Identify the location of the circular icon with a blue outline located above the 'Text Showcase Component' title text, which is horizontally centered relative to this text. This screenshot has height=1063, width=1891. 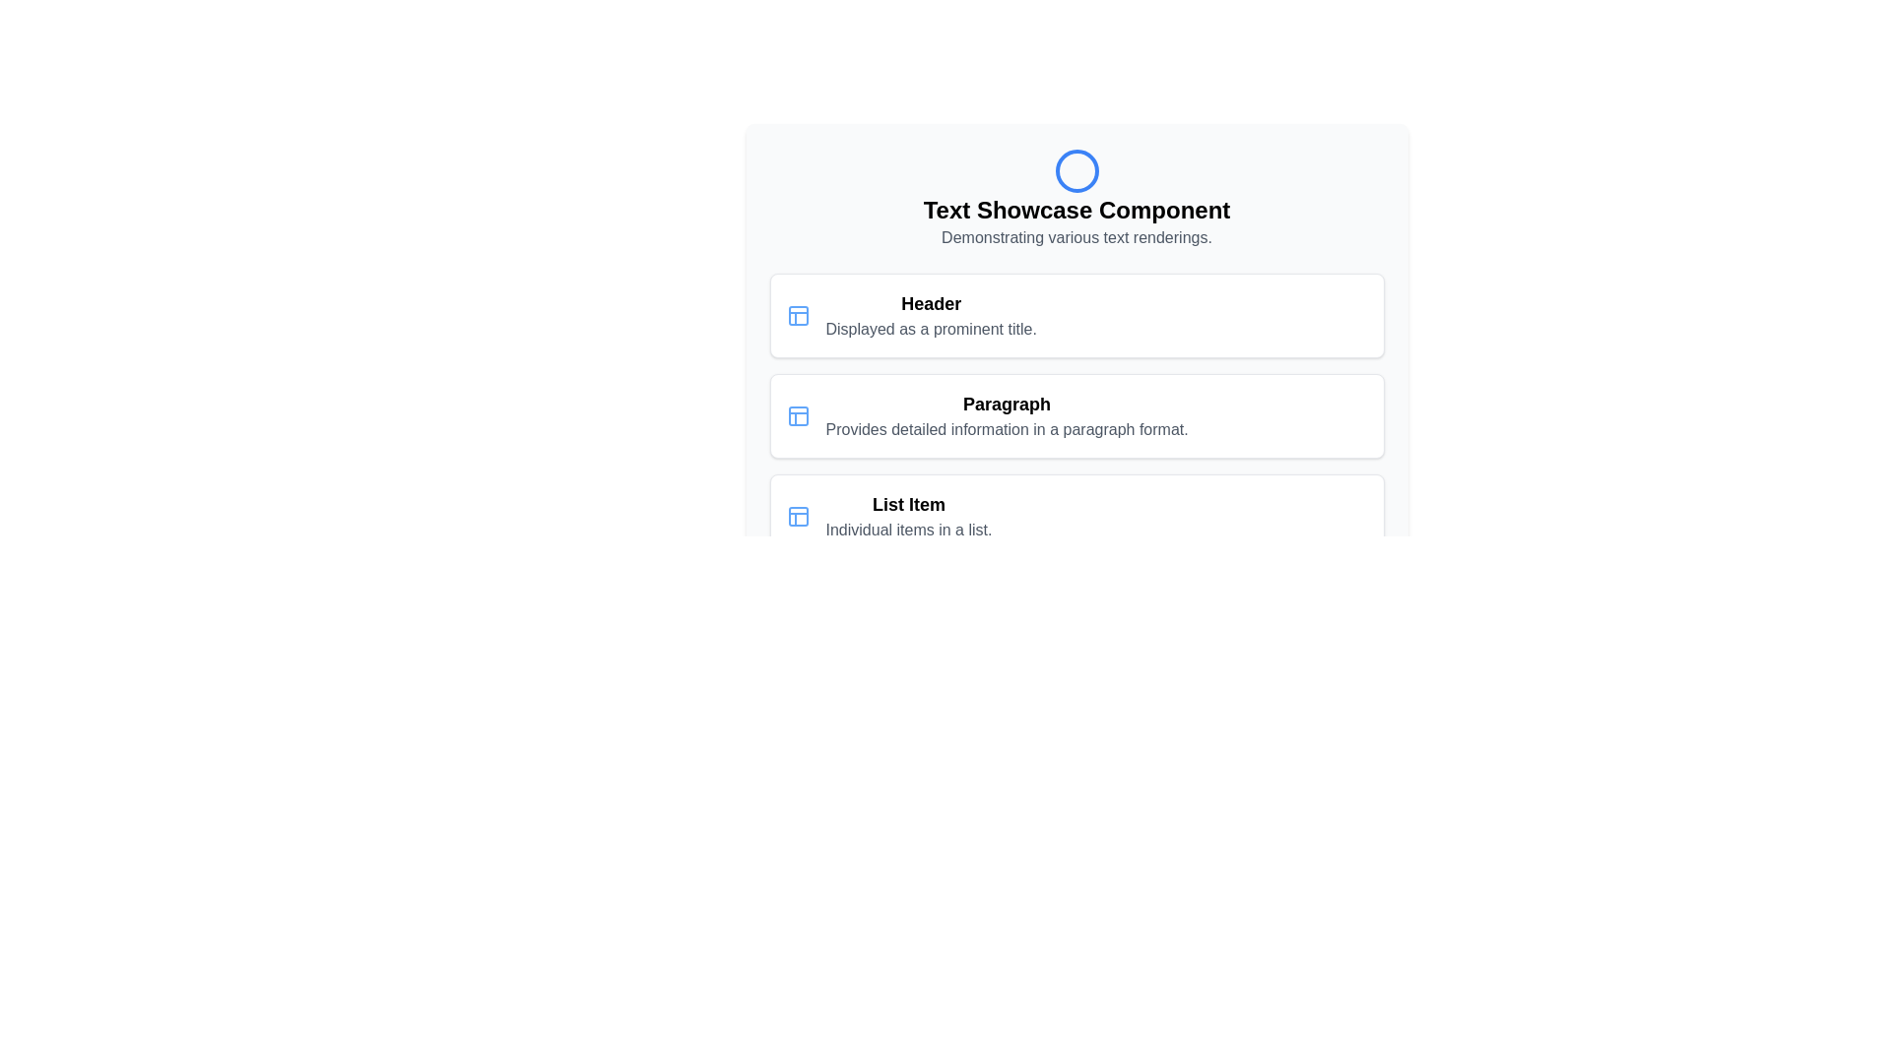
(1076, 169).